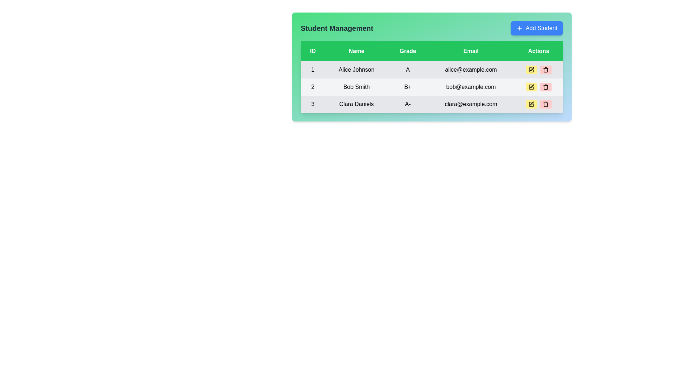 The width and height of the screenshot is (689, 387). I want to click on the delete button located in the 'Actions' column of the second row of the table, corresponding to the entry for 'Bob Smith', so click(545, 87).